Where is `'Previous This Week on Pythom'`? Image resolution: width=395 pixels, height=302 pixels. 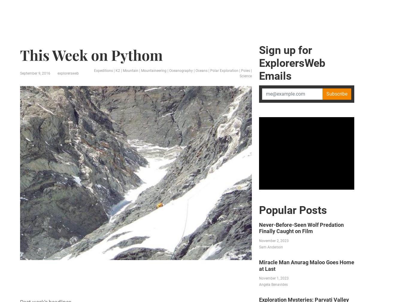
'Previous This Week on Pythom' is located at coordinates (57, 262).